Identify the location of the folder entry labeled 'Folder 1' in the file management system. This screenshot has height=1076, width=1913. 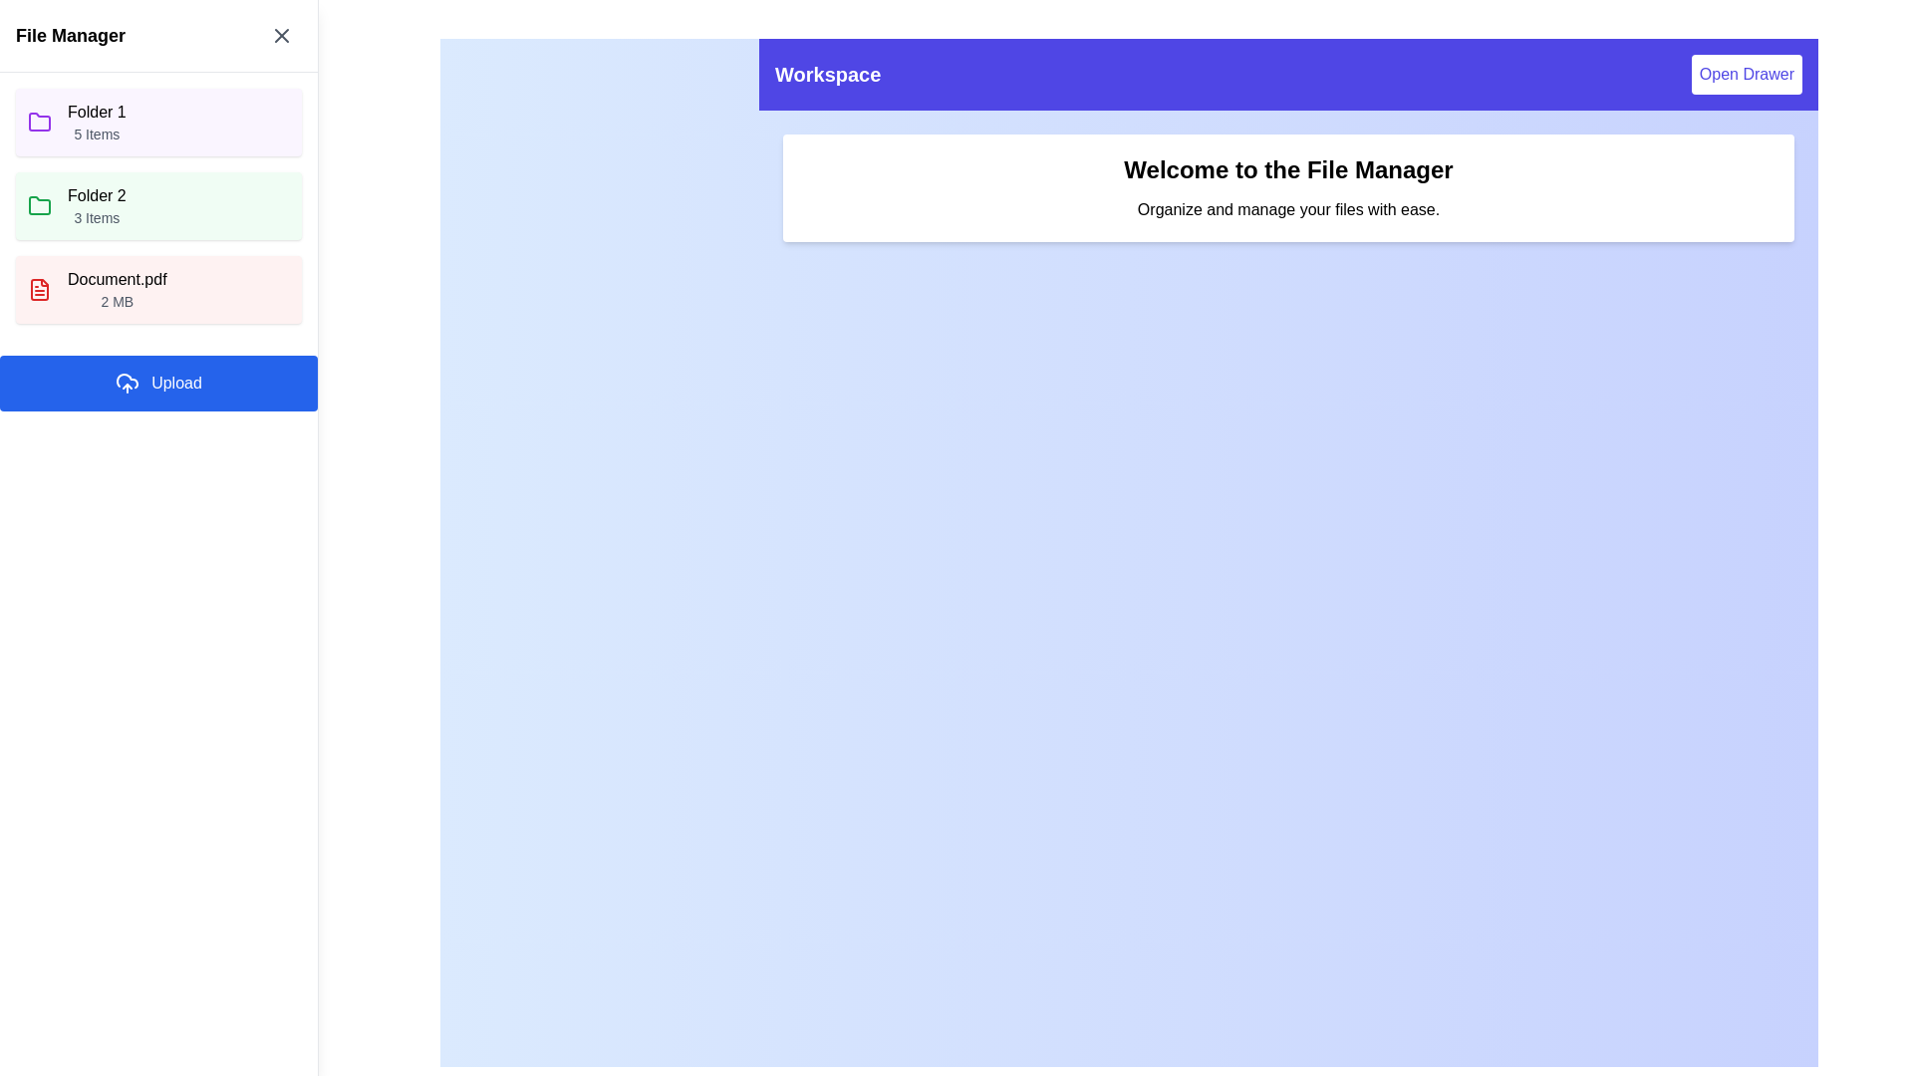
(157, 123).